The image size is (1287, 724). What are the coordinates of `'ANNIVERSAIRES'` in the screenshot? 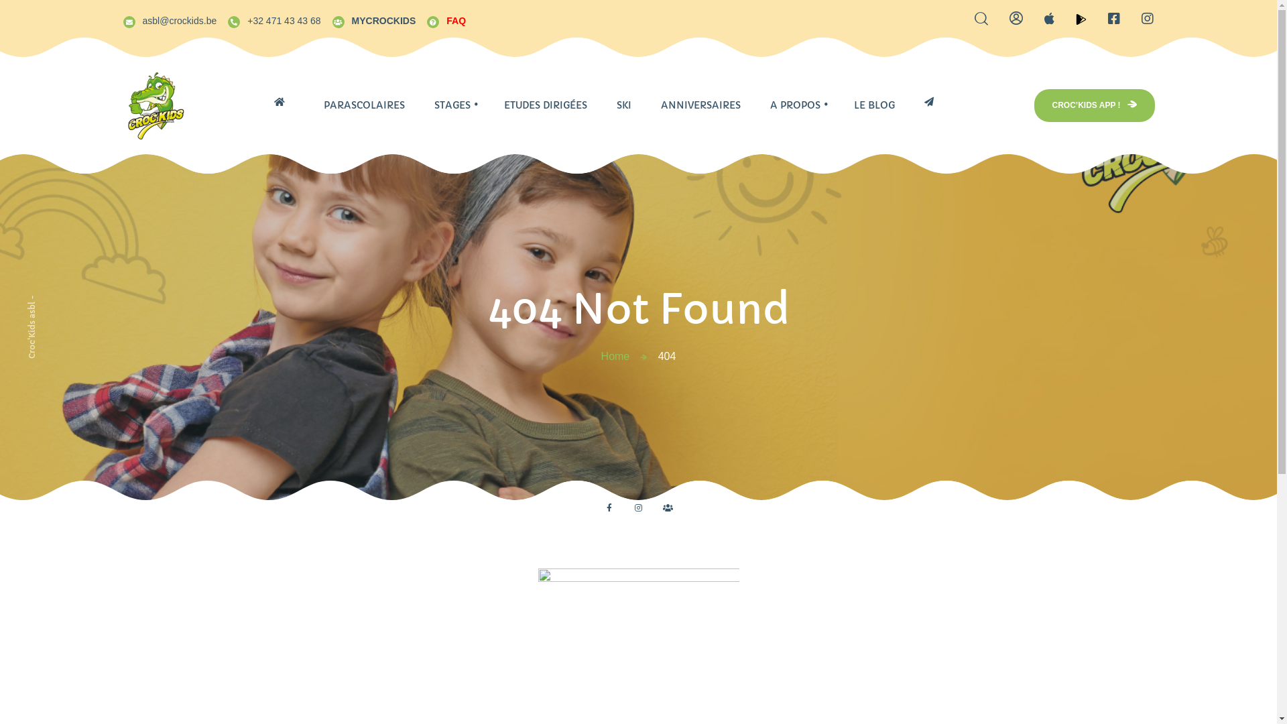 It's located at (700, 105).